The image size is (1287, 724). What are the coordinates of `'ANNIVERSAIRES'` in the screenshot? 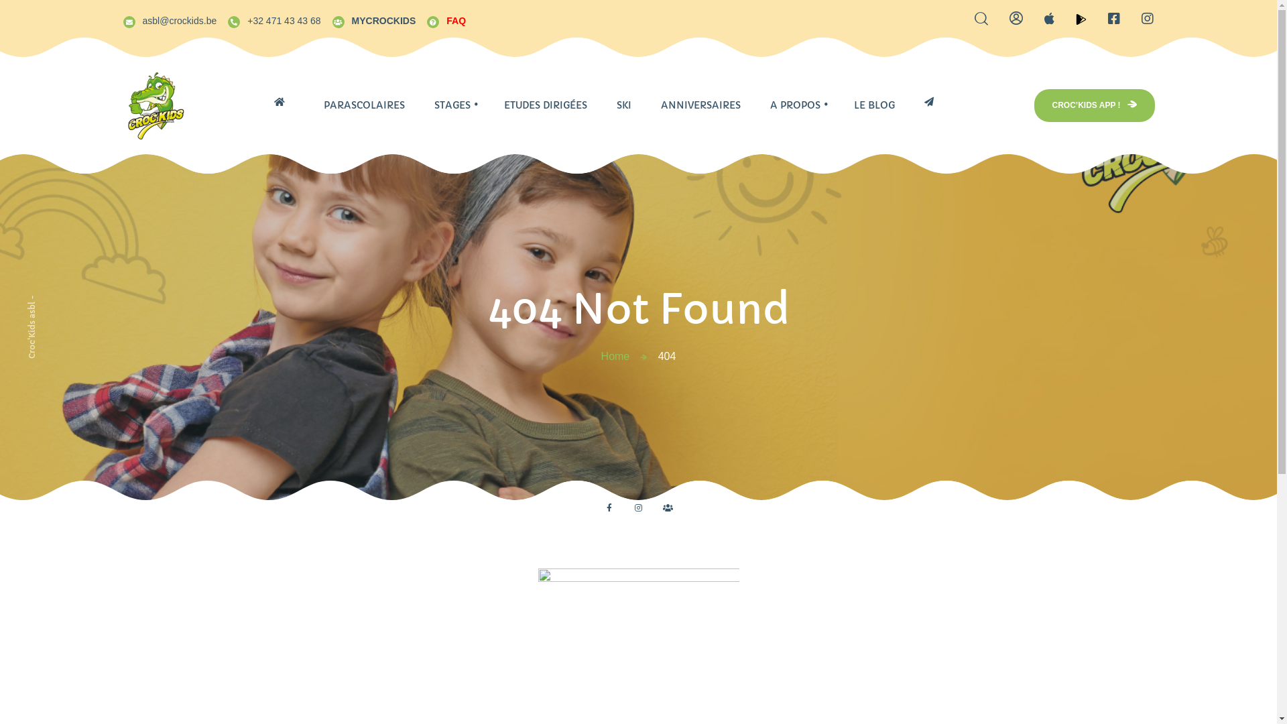 It's located at (700, 105).